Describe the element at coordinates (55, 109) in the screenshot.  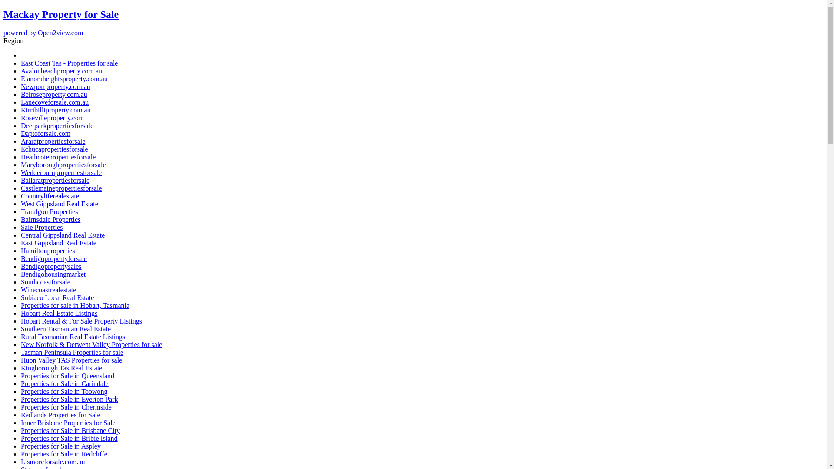
I see `'Kirribilliproperty.com.au'` at that location.